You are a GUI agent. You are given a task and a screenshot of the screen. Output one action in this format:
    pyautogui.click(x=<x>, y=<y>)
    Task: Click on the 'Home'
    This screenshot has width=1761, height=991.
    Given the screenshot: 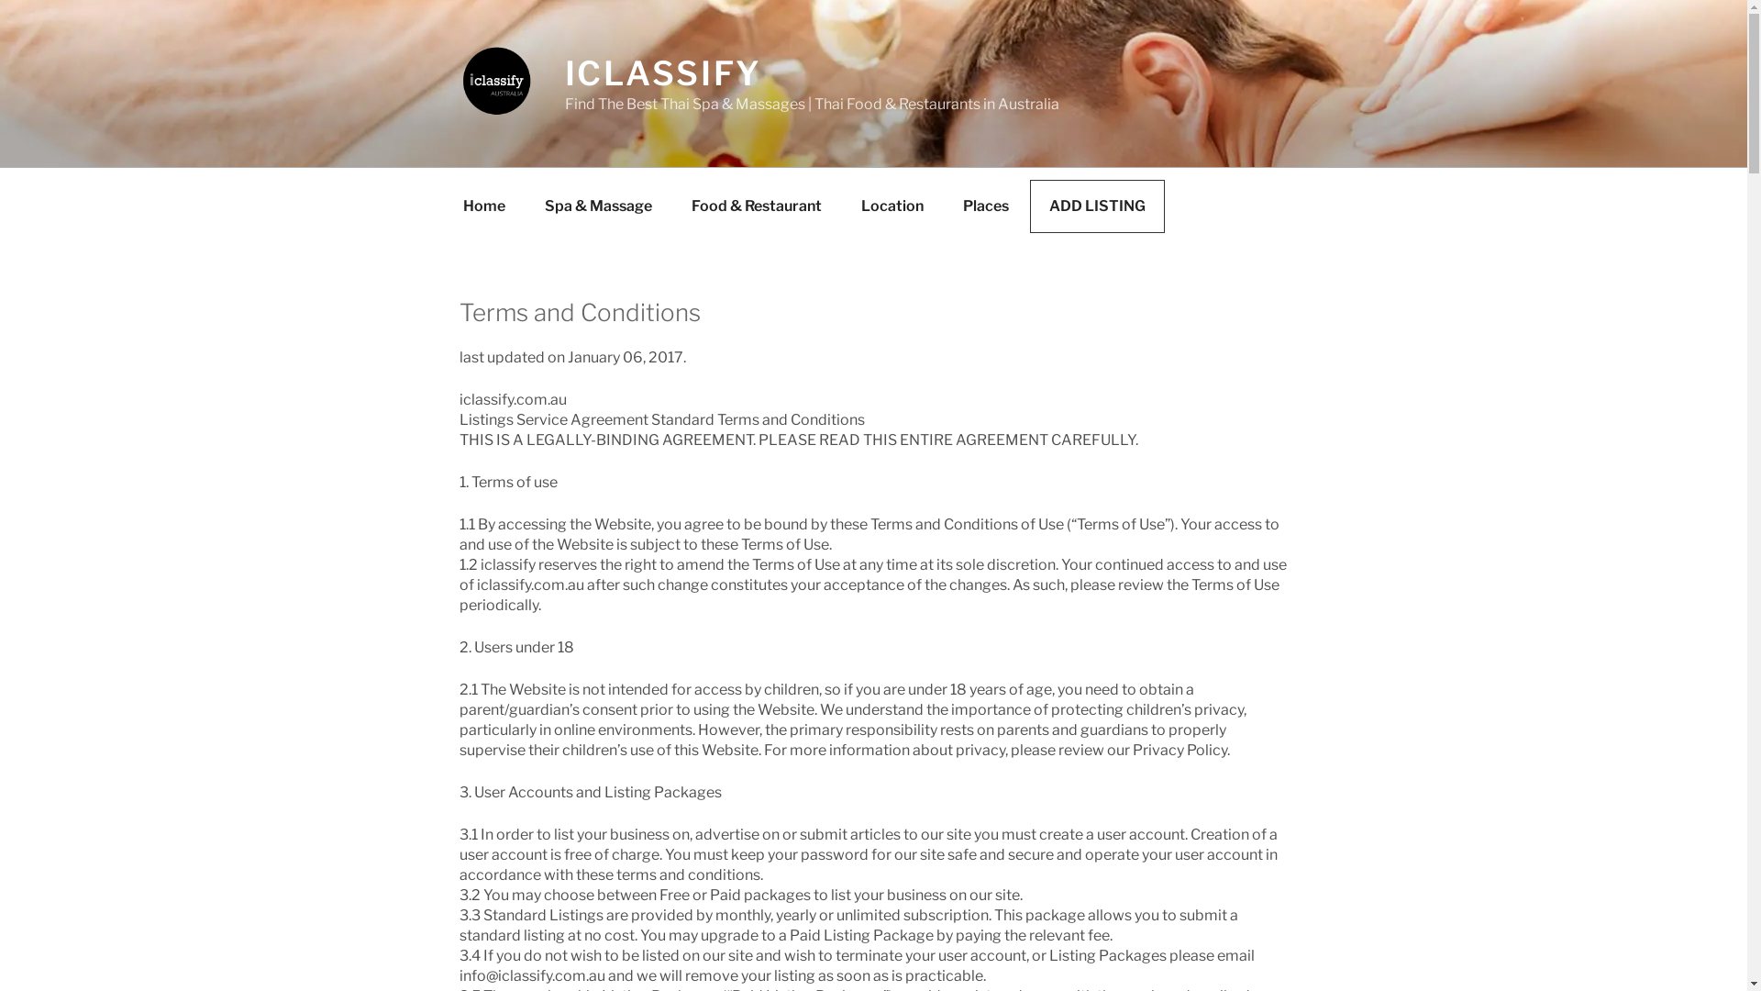 What is the action you would take?
    pyautogui.click(x=483, y=206)
    